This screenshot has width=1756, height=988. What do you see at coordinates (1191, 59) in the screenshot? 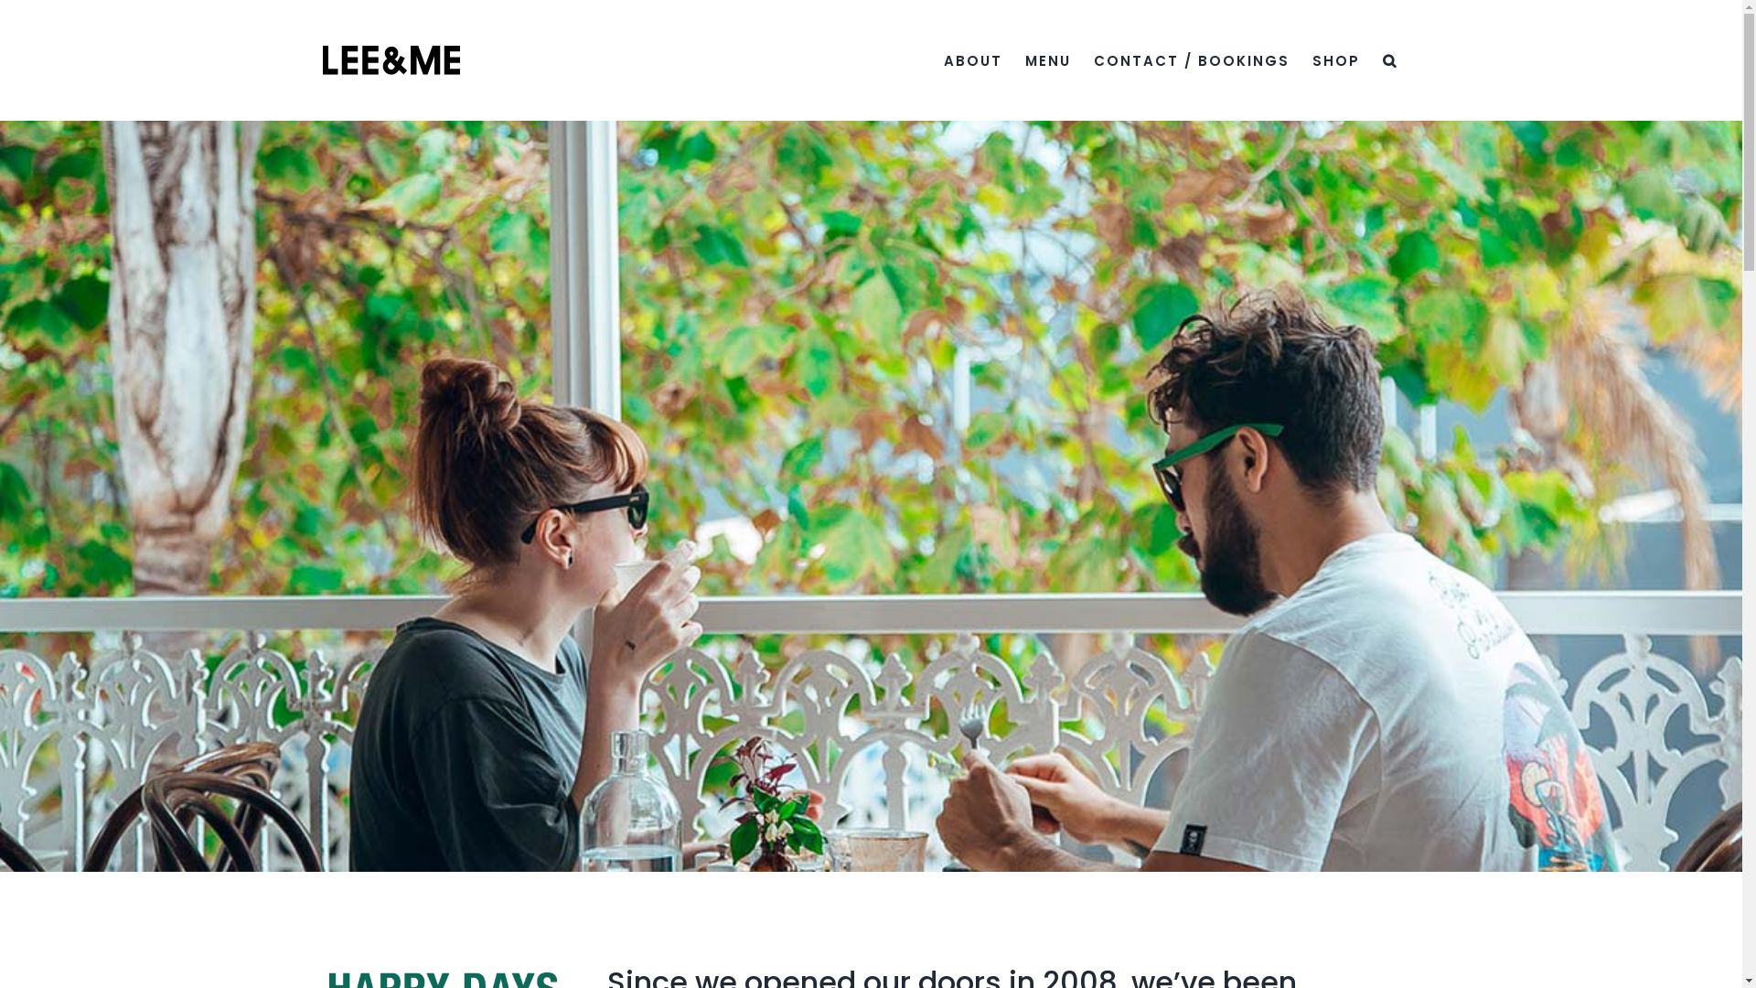
I see `'CONTACT / BOOKINGS'` at bounding box center [1191, 59].